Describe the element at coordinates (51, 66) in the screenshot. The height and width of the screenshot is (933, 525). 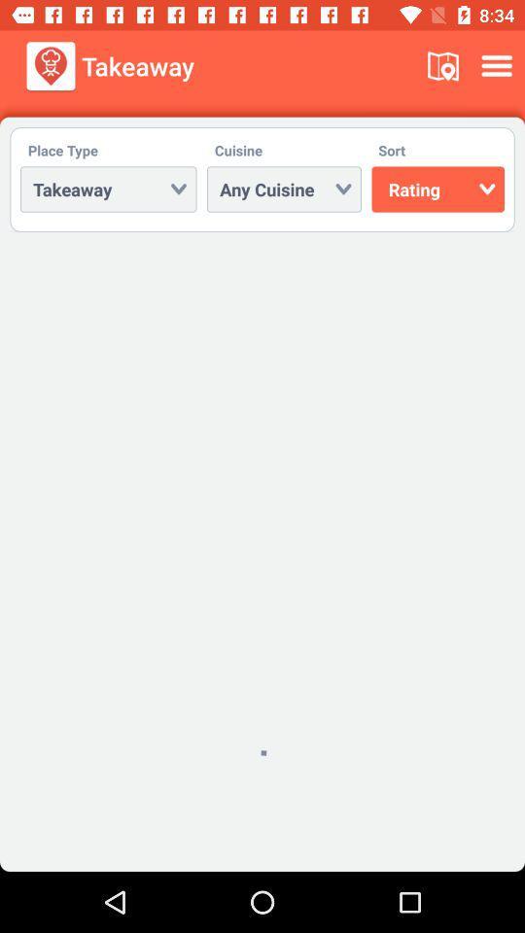
I see `the icon which is left side of the takeaway in orange background` at that location.